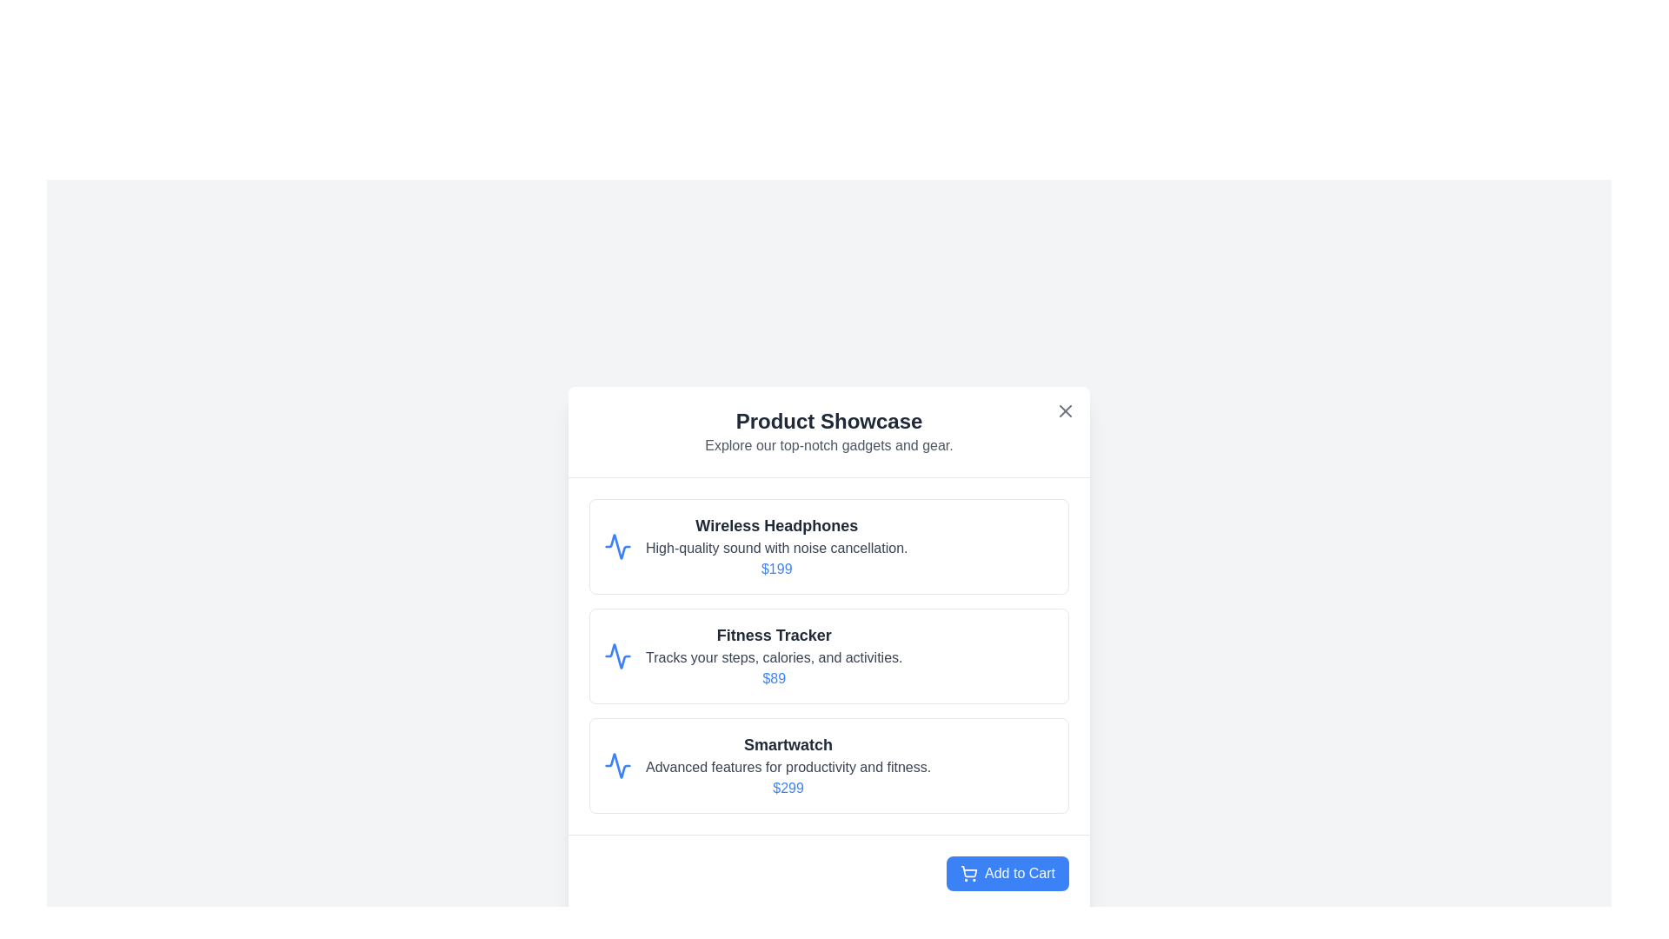  What do you see at coordinates (828, 656) in the screenshot?
I see `the product card for the fitness tracker, which is the second card in the list of product cards within the modal dialog` at bounding box center [828, 656].